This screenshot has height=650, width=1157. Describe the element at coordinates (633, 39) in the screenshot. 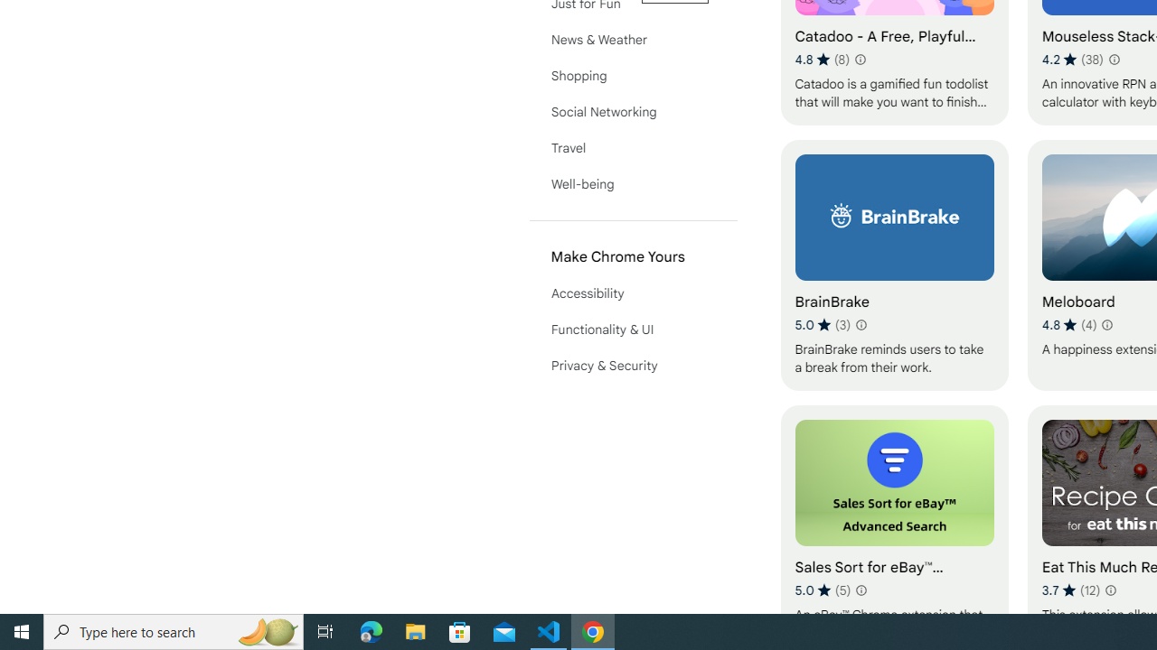

I see `'News & Weather'` at that location.